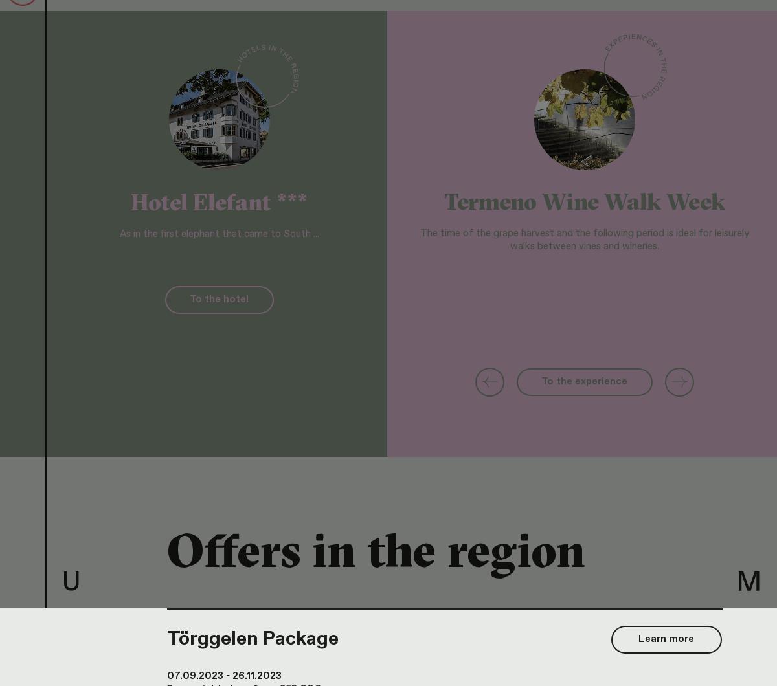  I want to click on 'As in the first elephant that came to South ...', so click(219, 234).